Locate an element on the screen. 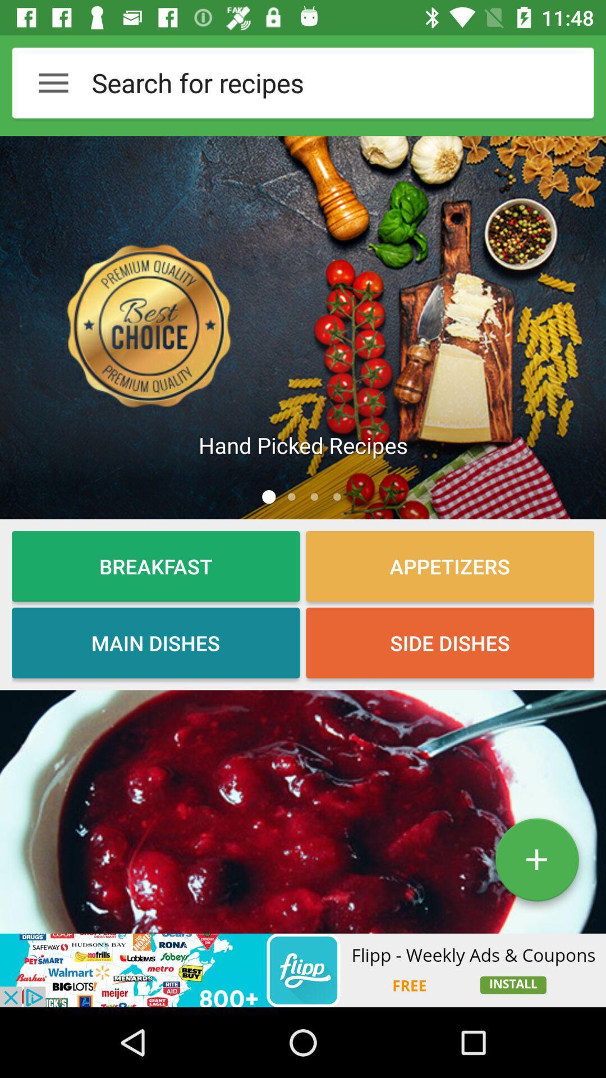 The width and height of the screenshot is (606, 1078). breakfast is located at coordinates (155, 566).